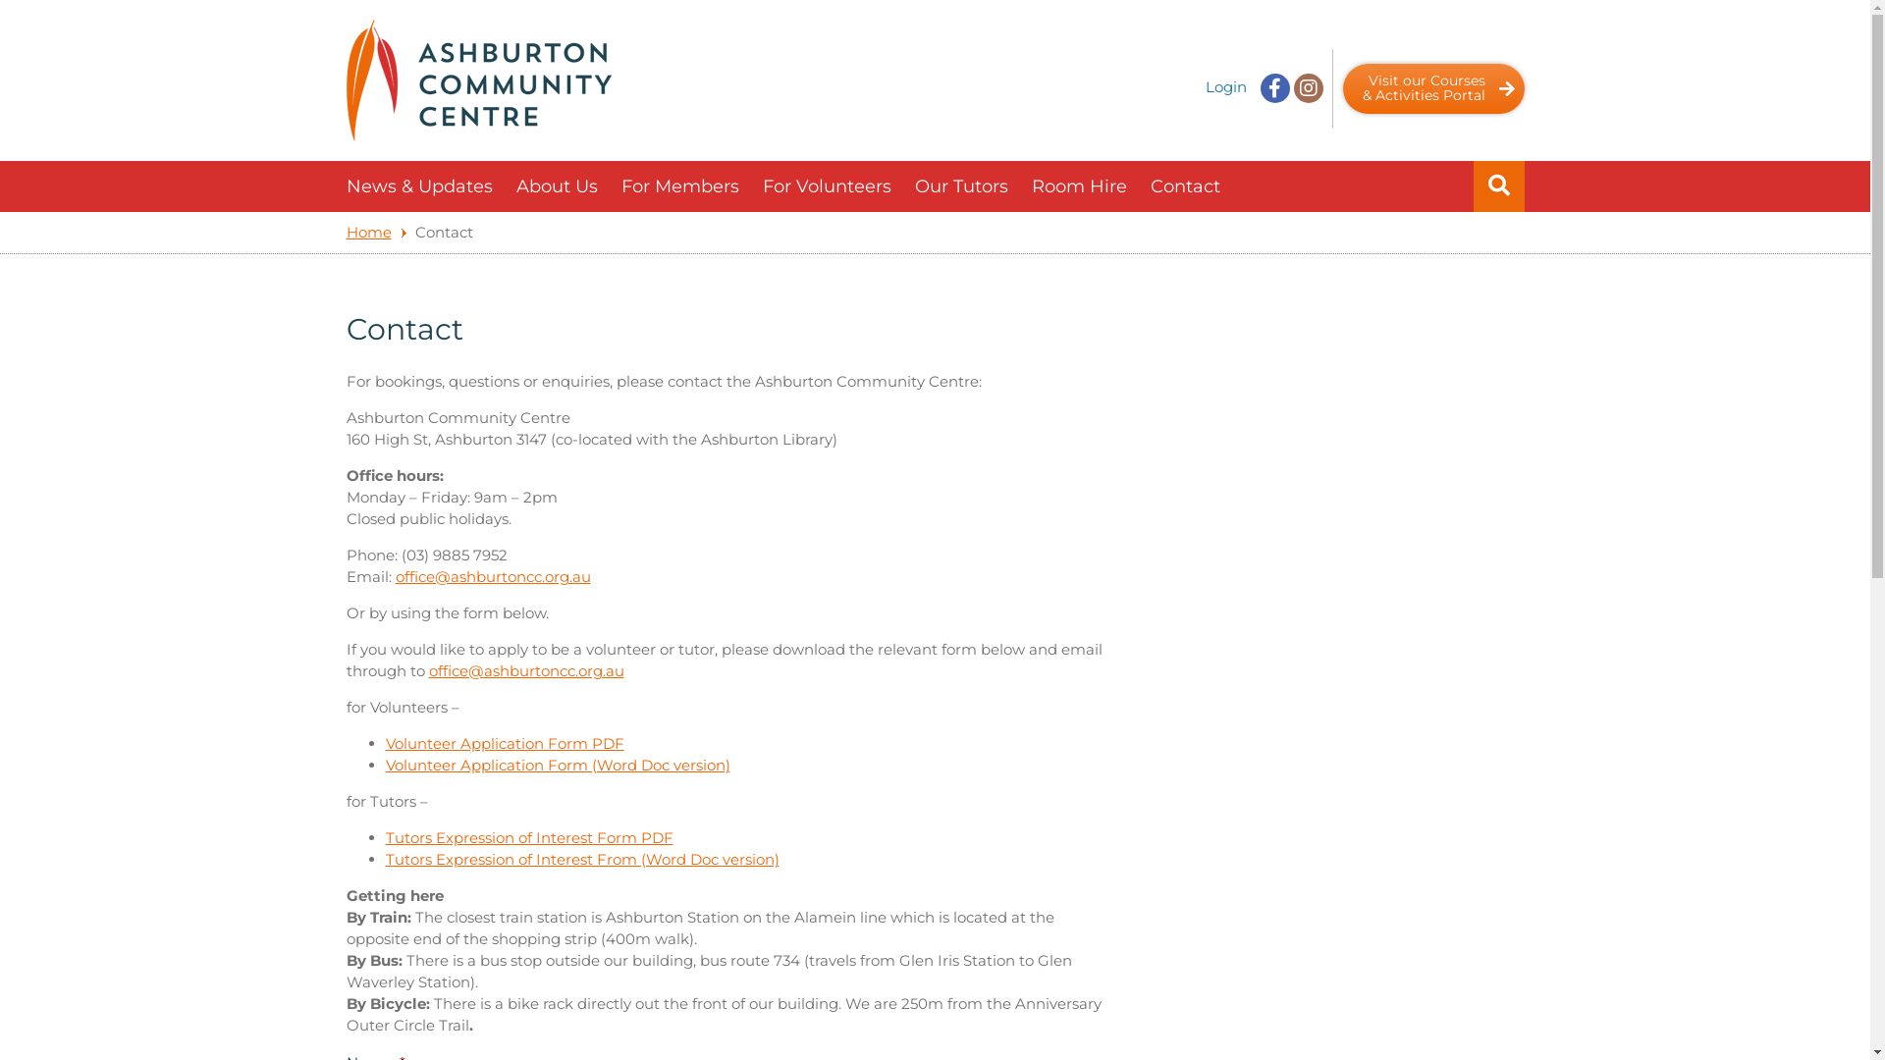 The image size is (1885, 1060). Describe the element at coordinates (1224, 85) in the screenshot. I see `'Login'` at that location.